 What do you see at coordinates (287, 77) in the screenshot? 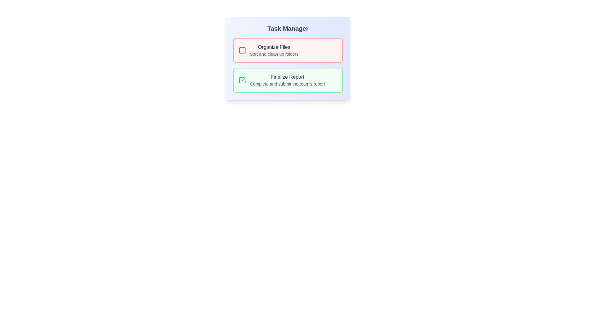
I see `the Text Label that serves as the title for a task item, located in the bottom task item of the 'Task Manager' interface, identified by its green highlighted border` at bounding box center [287, 77].